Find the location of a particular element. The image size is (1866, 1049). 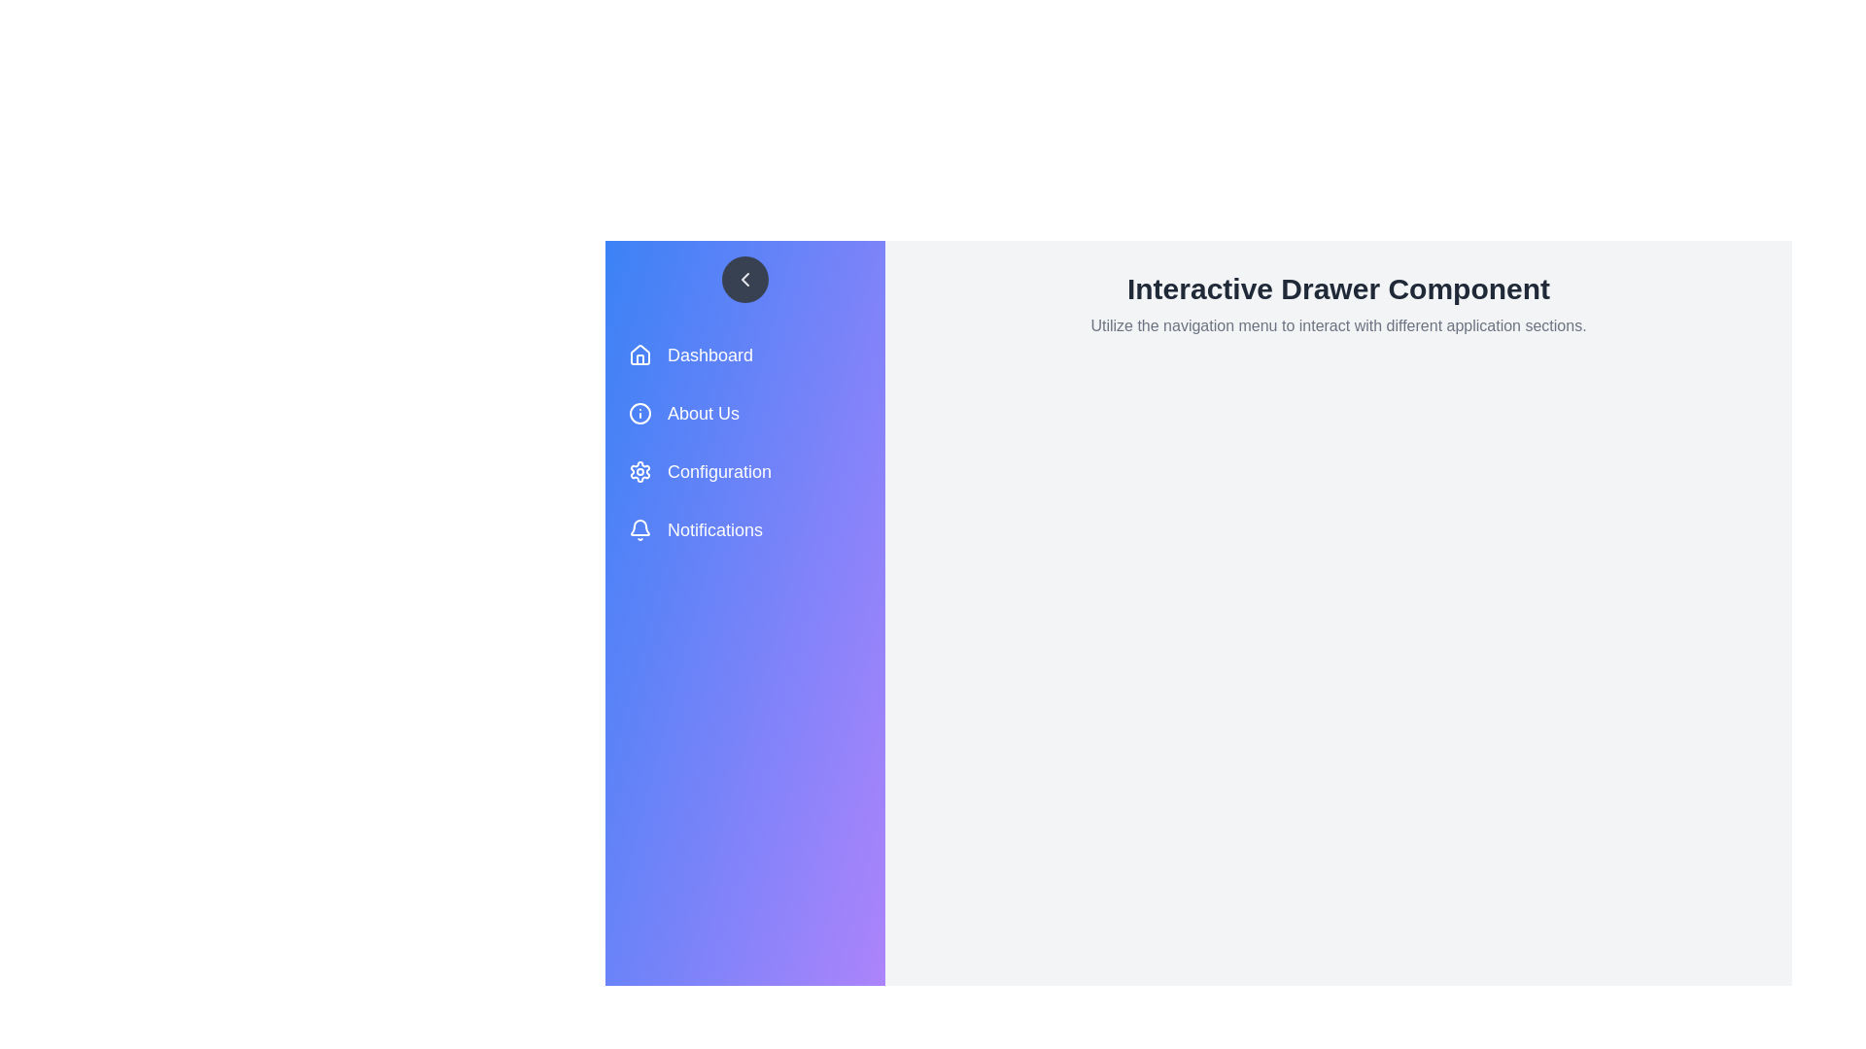

the fourth menu item in the left-side vertical navigation menu, which serves as a navigation option is located at coordinates (751, 530).